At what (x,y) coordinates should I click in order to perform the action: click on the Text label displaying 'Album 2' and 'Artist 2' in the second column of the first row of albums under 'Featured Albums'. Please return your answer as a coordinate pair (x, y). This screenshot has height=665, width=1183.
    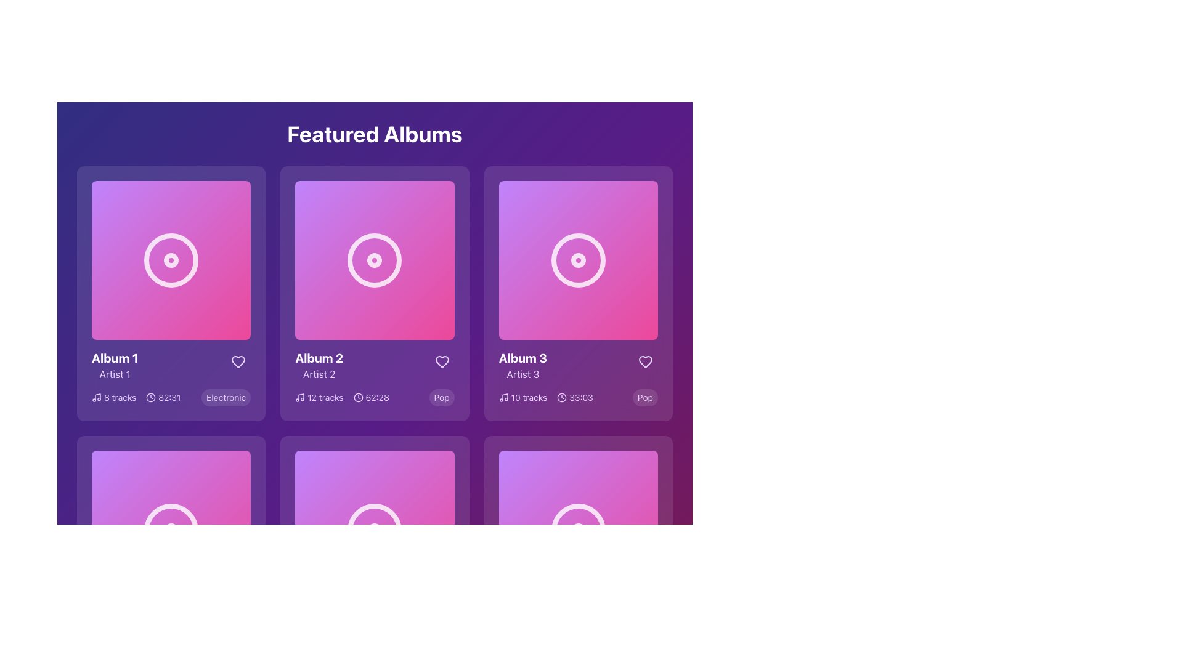
    Looking at the image, I should click on (319, 365).